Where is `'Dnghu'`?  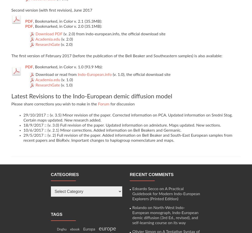
'Dnghu' is located at coordinates (61, 229).